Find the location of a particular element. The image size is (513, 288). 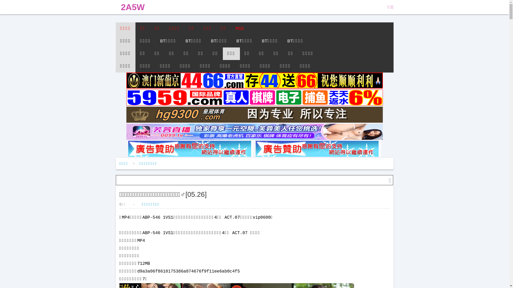

'2A5W' is located at coordinates (133, 7).